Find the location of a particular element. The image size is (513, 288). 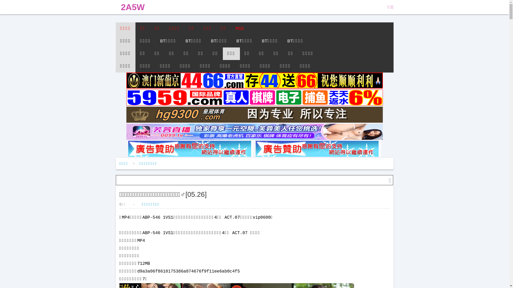

'2A5W' is located at coordinates (133, 7).